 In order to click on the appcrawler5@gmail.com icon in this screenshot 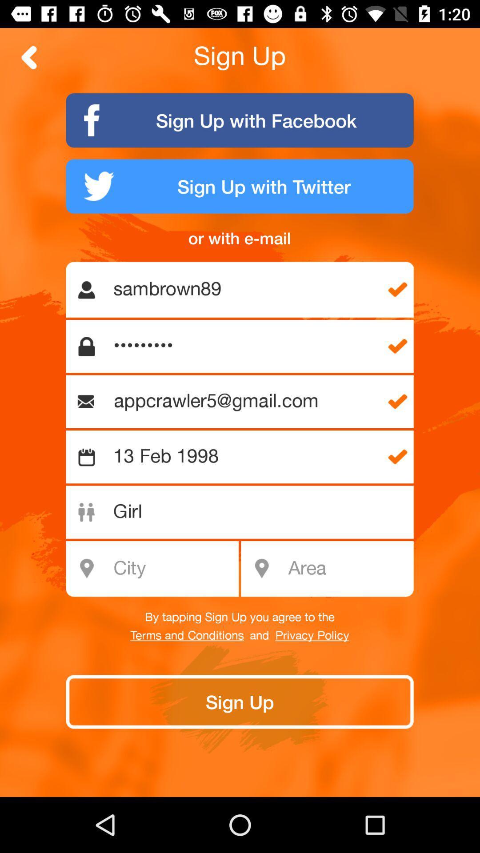, I will do `click(244, 401)`.